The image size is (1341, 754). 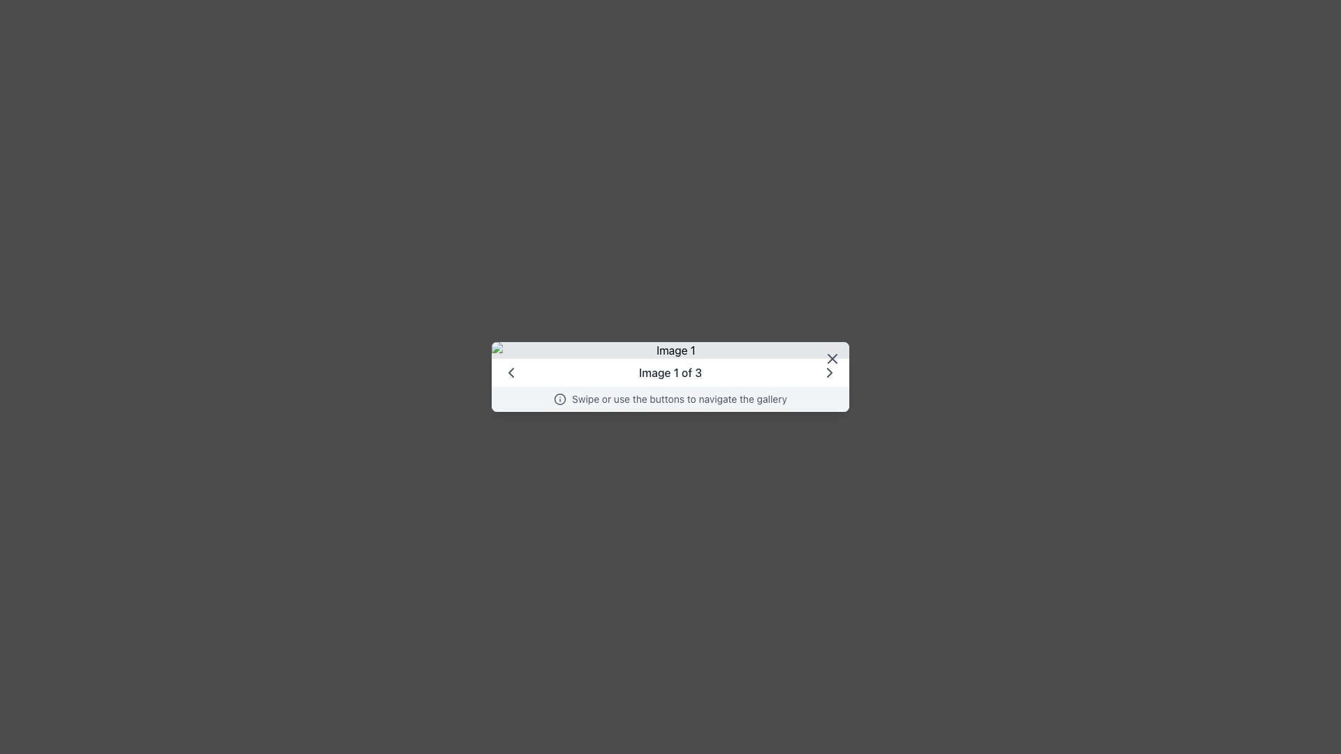 I want to click on the close button (icon-button) shaped like an 'X' located in the top-right corner of the gallery viewer, so click(x=832, y=357).